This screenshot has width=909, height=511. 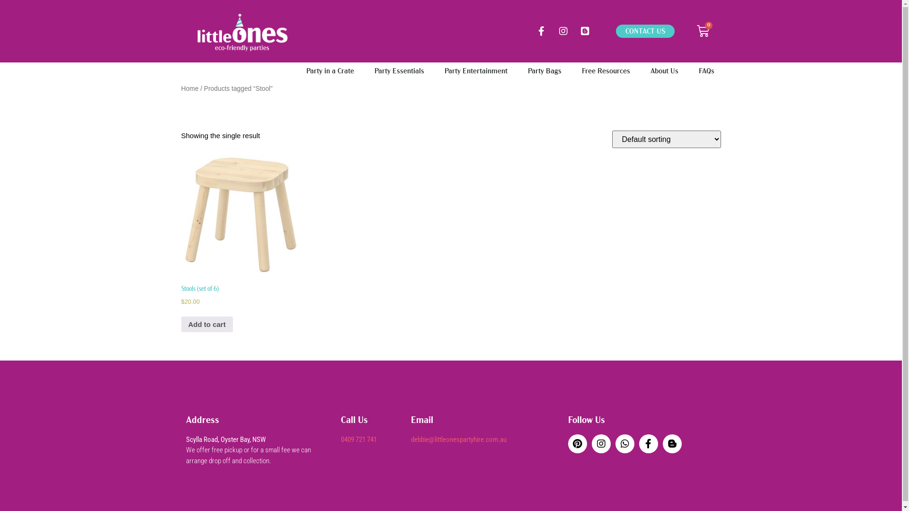 What do you see at coordinates (520, 70) in the screenshot?
I see `'Party Bags'` at bounding box center [520, 70].